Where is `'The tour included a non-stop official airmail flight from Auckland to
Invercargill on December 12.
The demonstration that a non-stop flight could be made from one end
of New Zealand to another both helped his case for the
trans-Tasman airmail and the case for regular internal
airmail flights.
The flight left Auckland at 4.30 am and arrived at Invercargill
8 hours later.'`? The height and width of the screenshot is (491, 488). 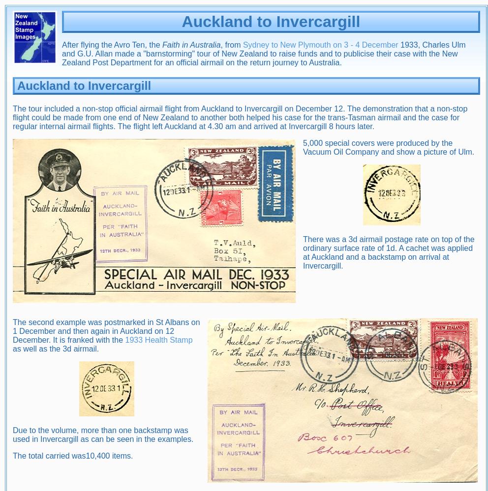 'The tour included a non-stop official airmail flight from Auckland to
Invercargill on December 12.
The demonstration that a non-stop flight could be made from one end
of New Zealand to another both helped his case for the
trans-Tasman airmail and the case for regular internal
airmail flights.
The flight left Auckland at 4.30 am and arrived at Invercargill
8 hours later.' is located at coordinates (12, 116).